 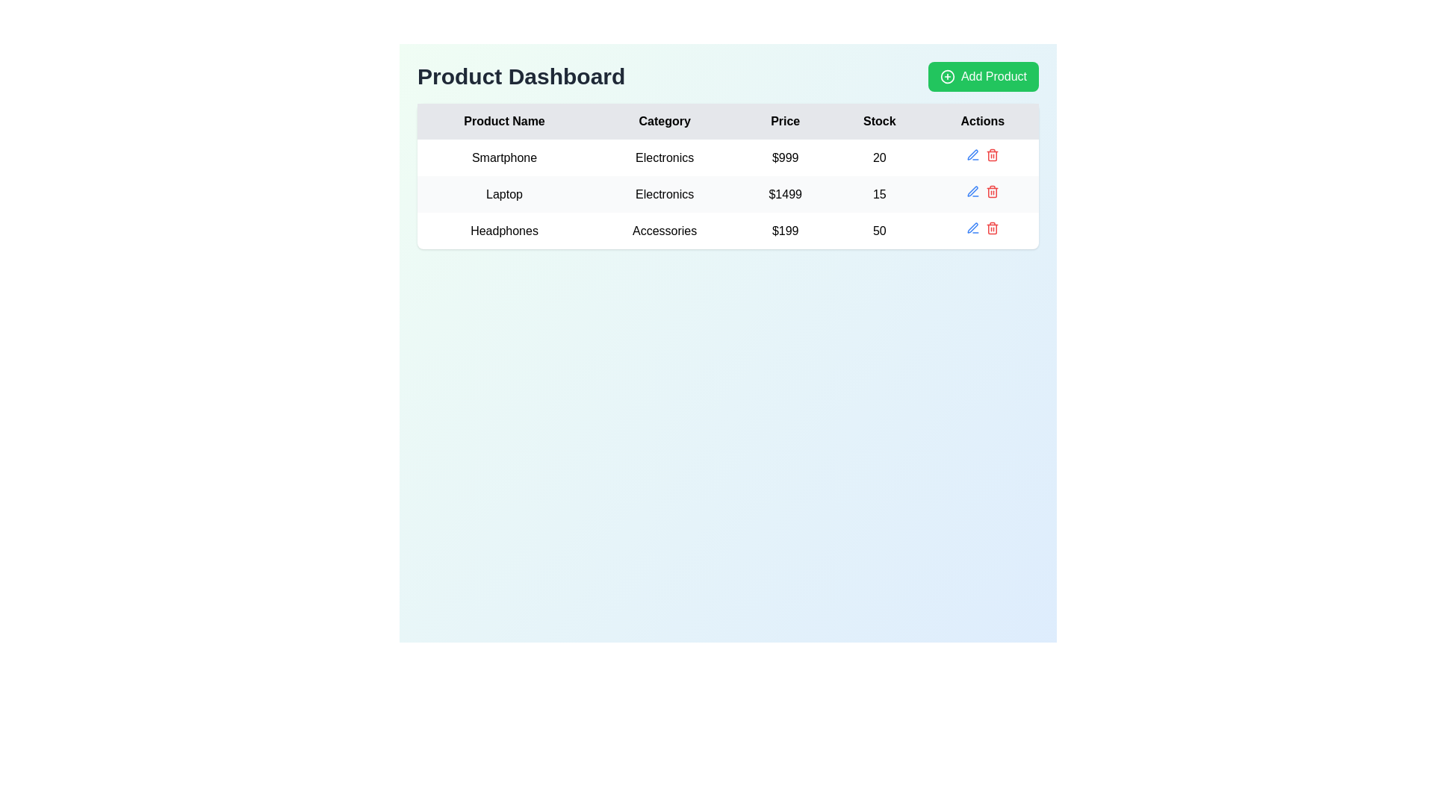 What do you see at coordinates (664, 120) in the screenshot?
I see `the Text Label that is the second column header from the left in the table, positioned between 'Product Name' and 'Price'` at bounding box center [664, 120].